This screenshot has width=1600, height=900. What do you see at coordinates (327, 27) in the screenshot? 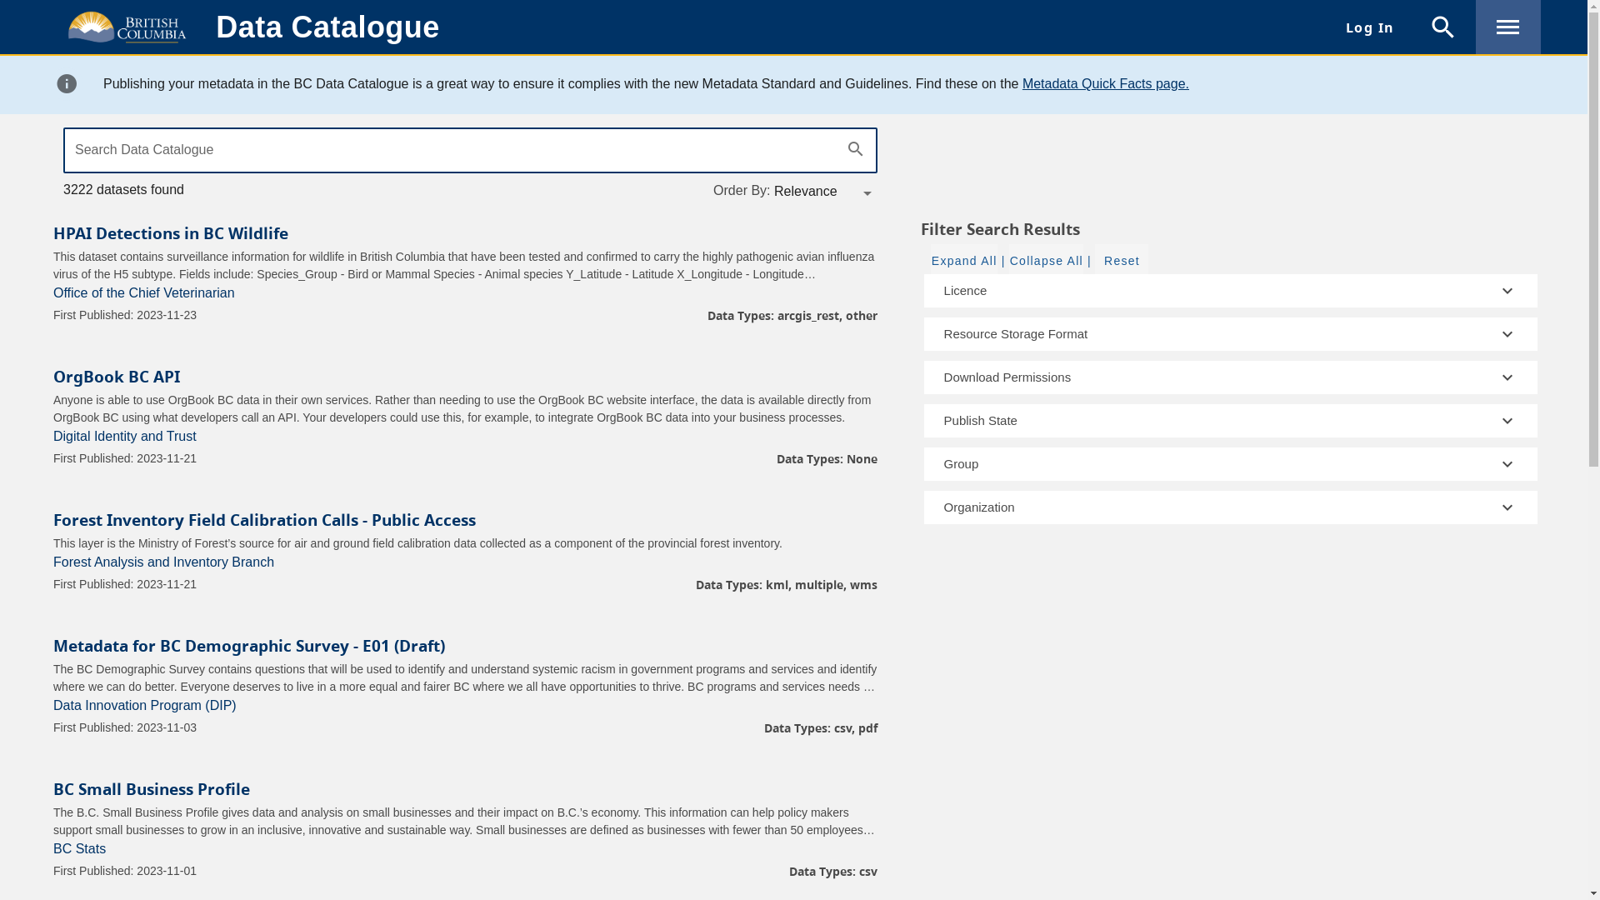
I see `'Data Catalogue'` at bounding box center [327, 27].